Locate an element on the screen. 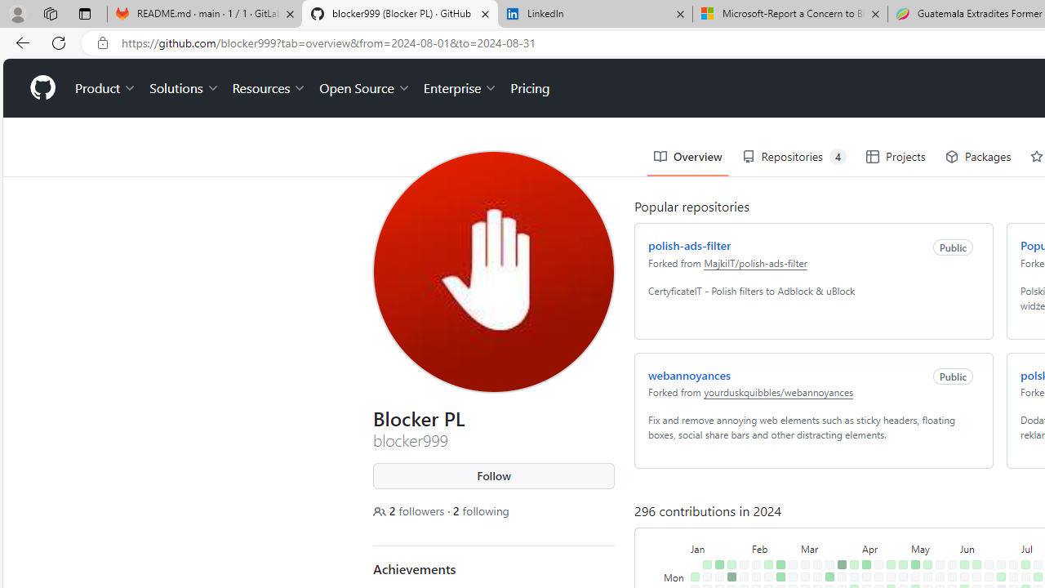 The image size is (1045, 588). 'No contributions on April 14th.' is located at coordinates (878, 563).